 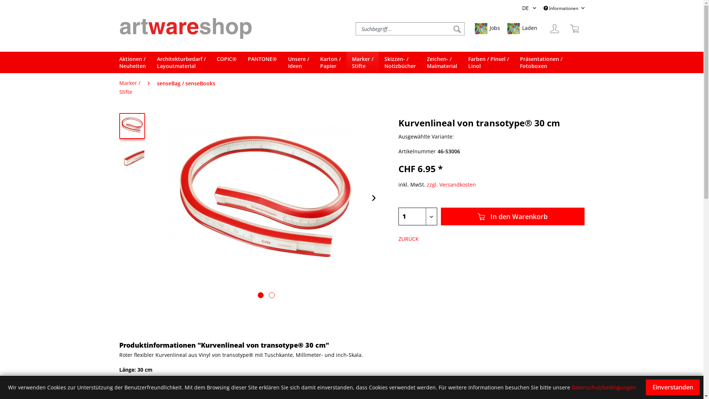 I want to click on 'Farben / Pinsel /, so click(x=488, y=62).